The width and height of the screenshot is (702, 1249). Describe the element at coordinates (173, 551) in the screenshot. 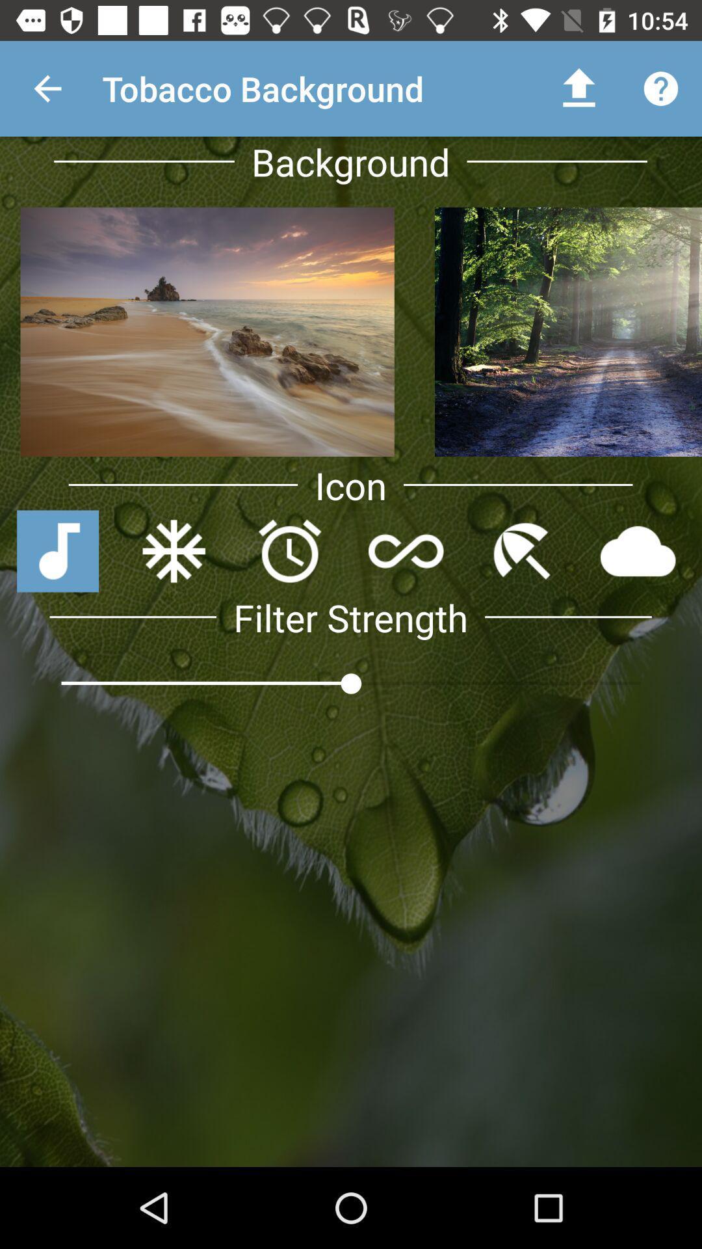

I see `the close icon` at that location.